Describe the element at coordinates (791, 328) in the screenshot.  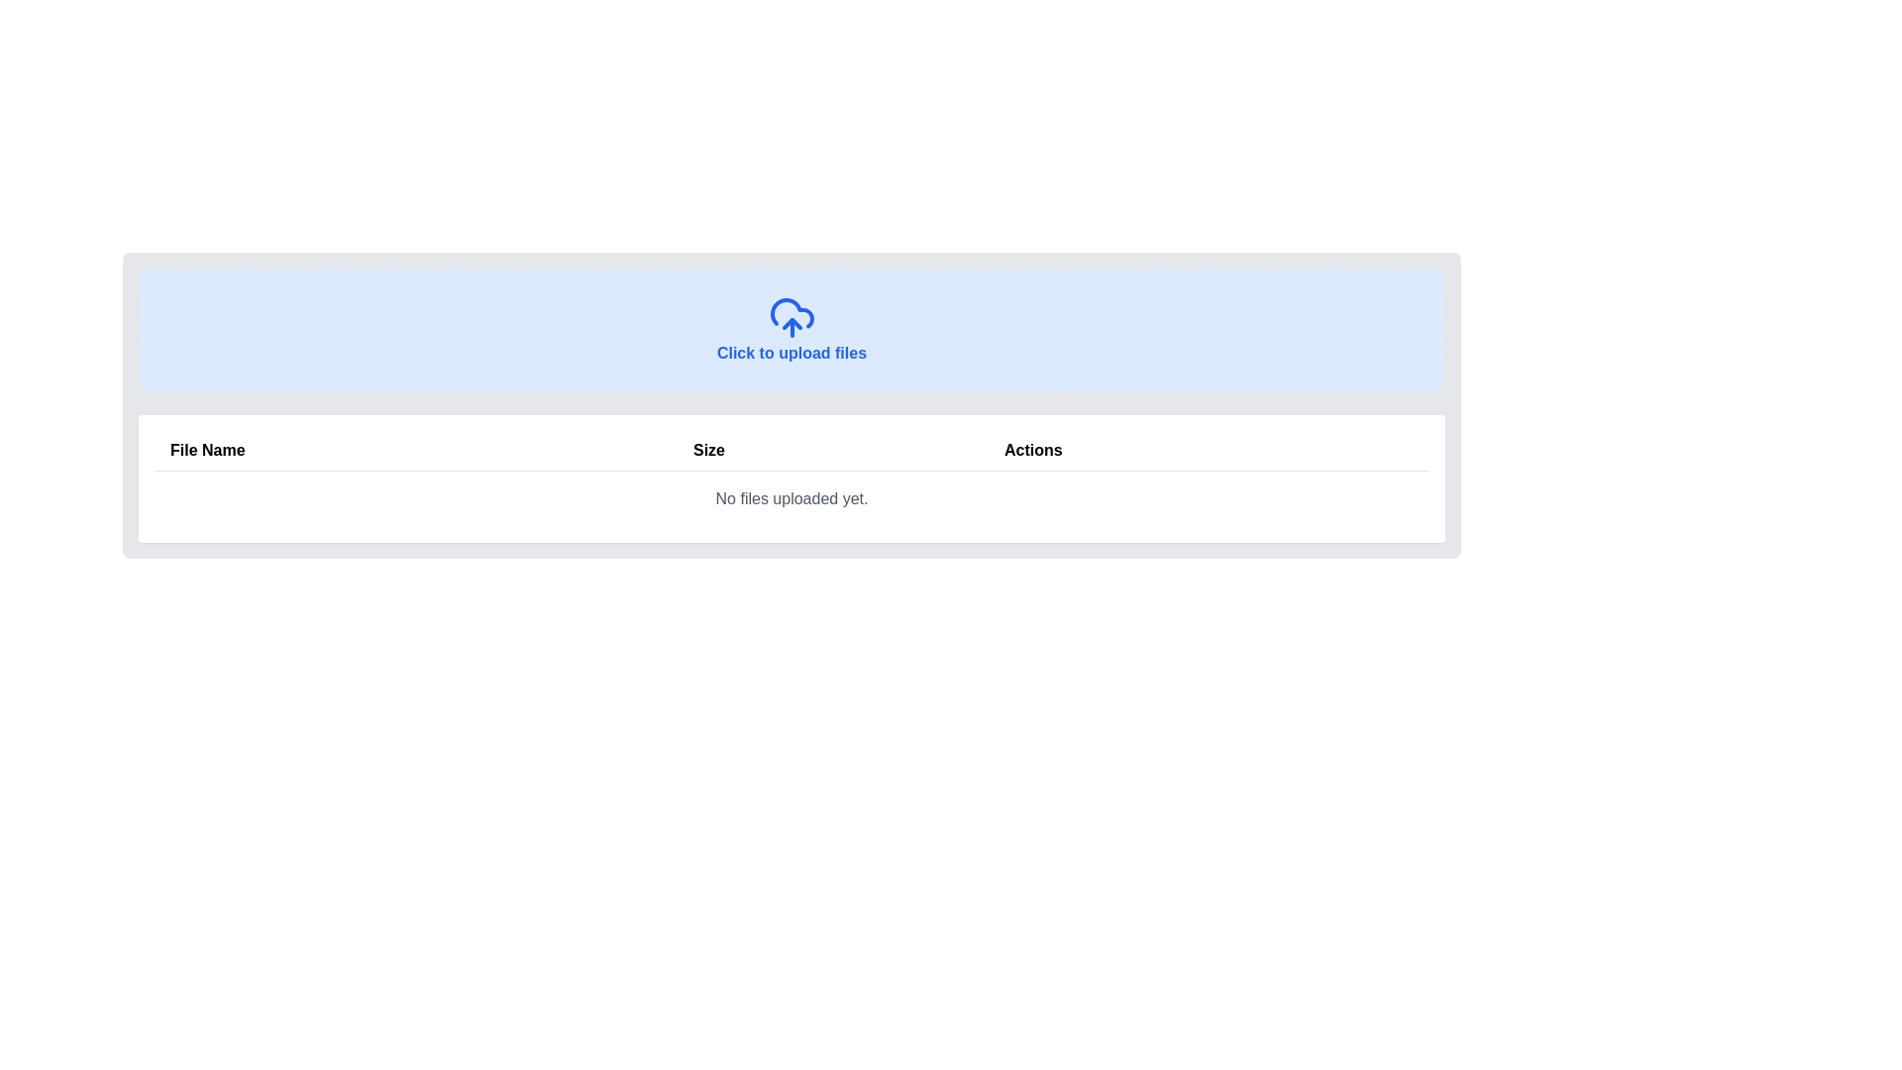
I see `the interactive text label located in the prominent light blue area with dashed borders` at that location.